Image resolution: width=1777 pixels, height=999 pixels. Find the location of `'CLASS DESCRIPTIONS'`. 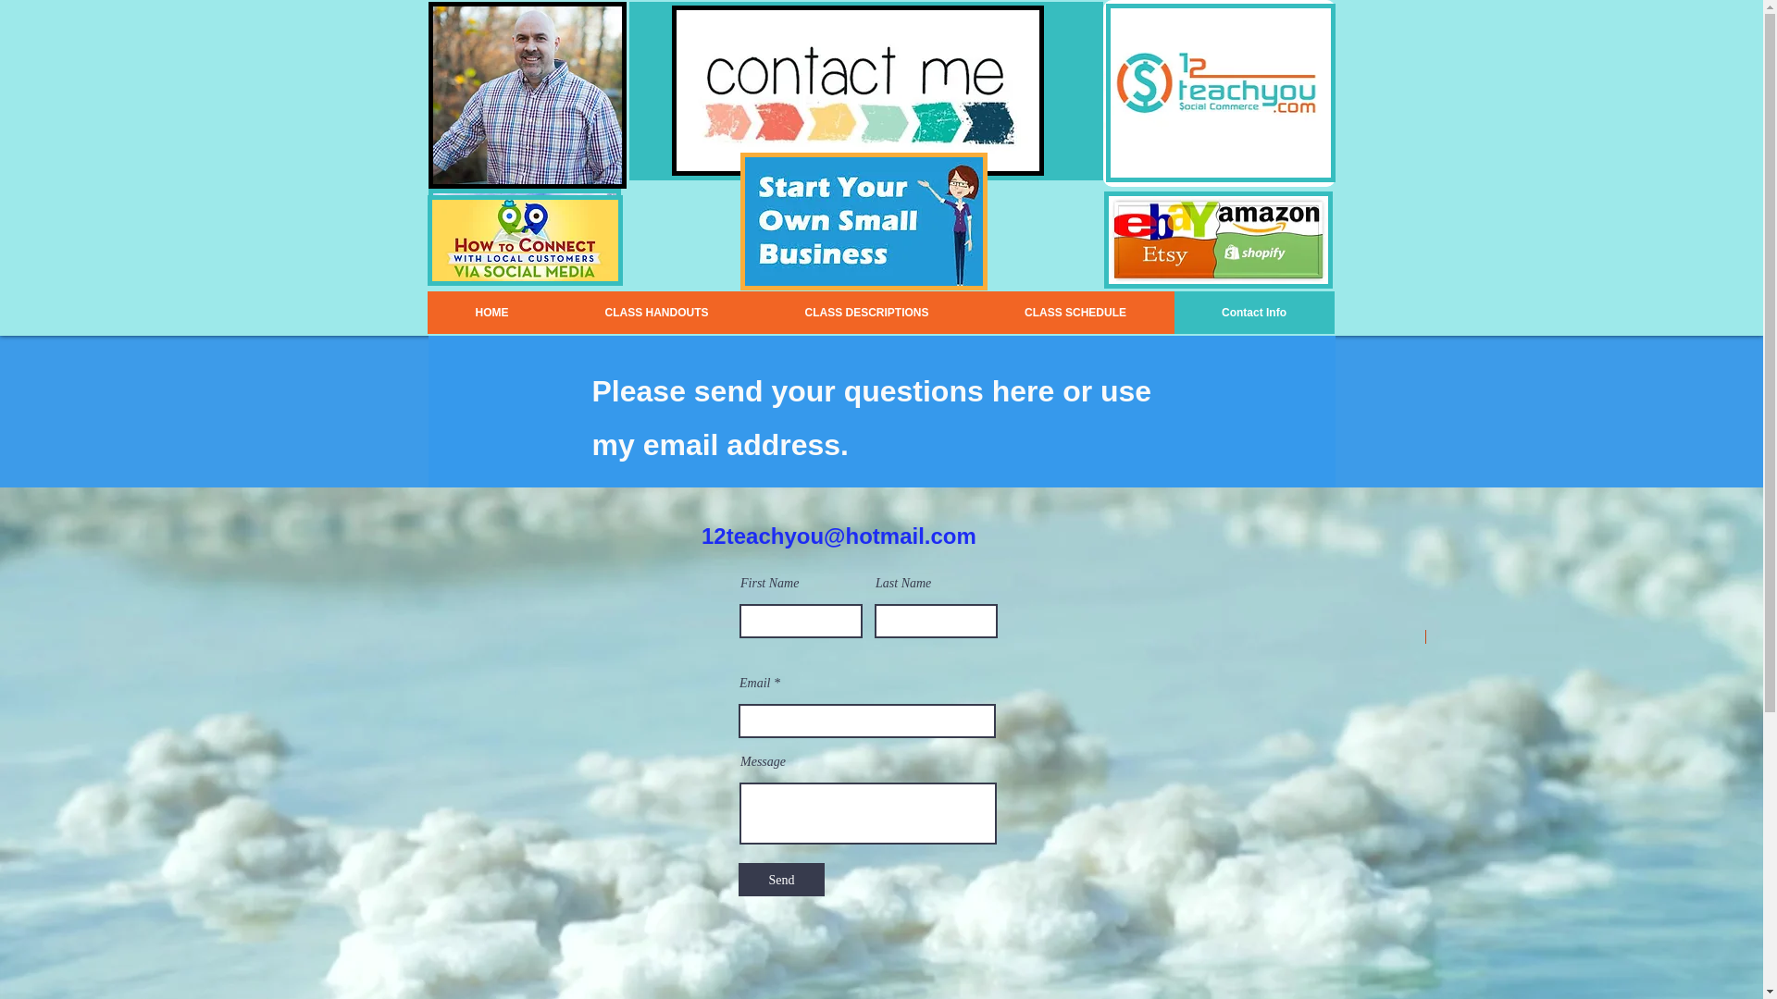

'CLASS DESCRIPTIONS' is located at coordinates (865, 312).